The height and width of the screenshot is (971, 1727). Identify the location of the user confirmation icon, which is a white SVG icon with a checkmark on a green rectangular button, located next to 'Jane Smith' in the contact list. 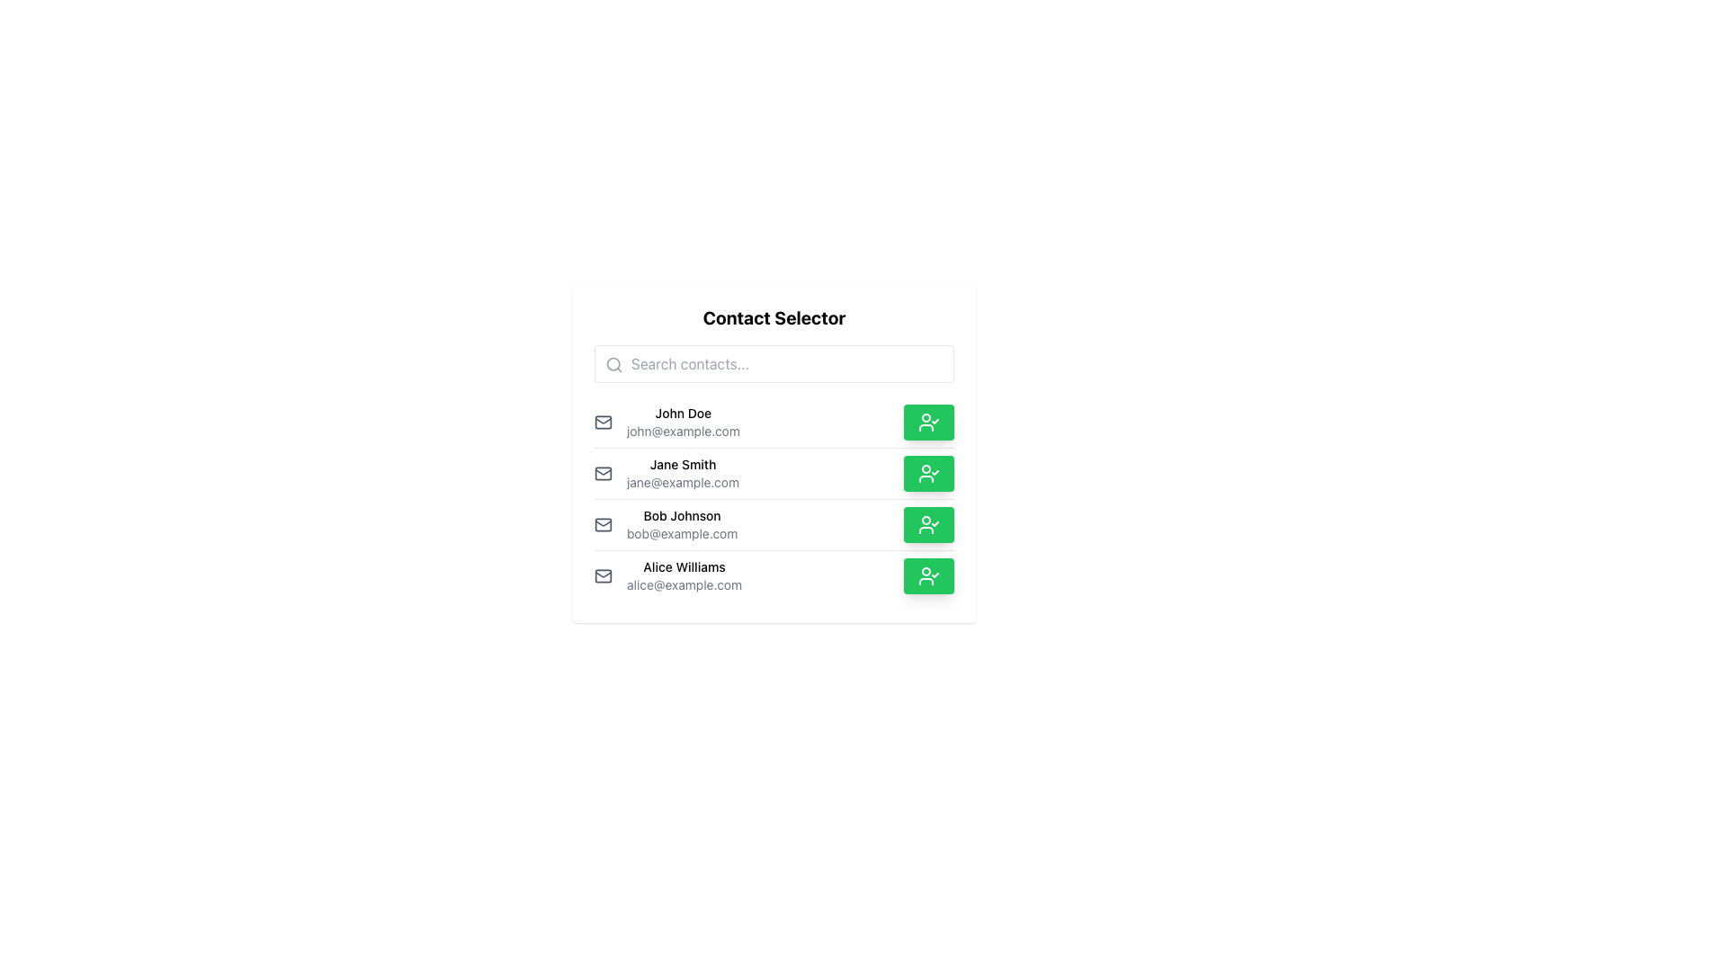
(928, 473).